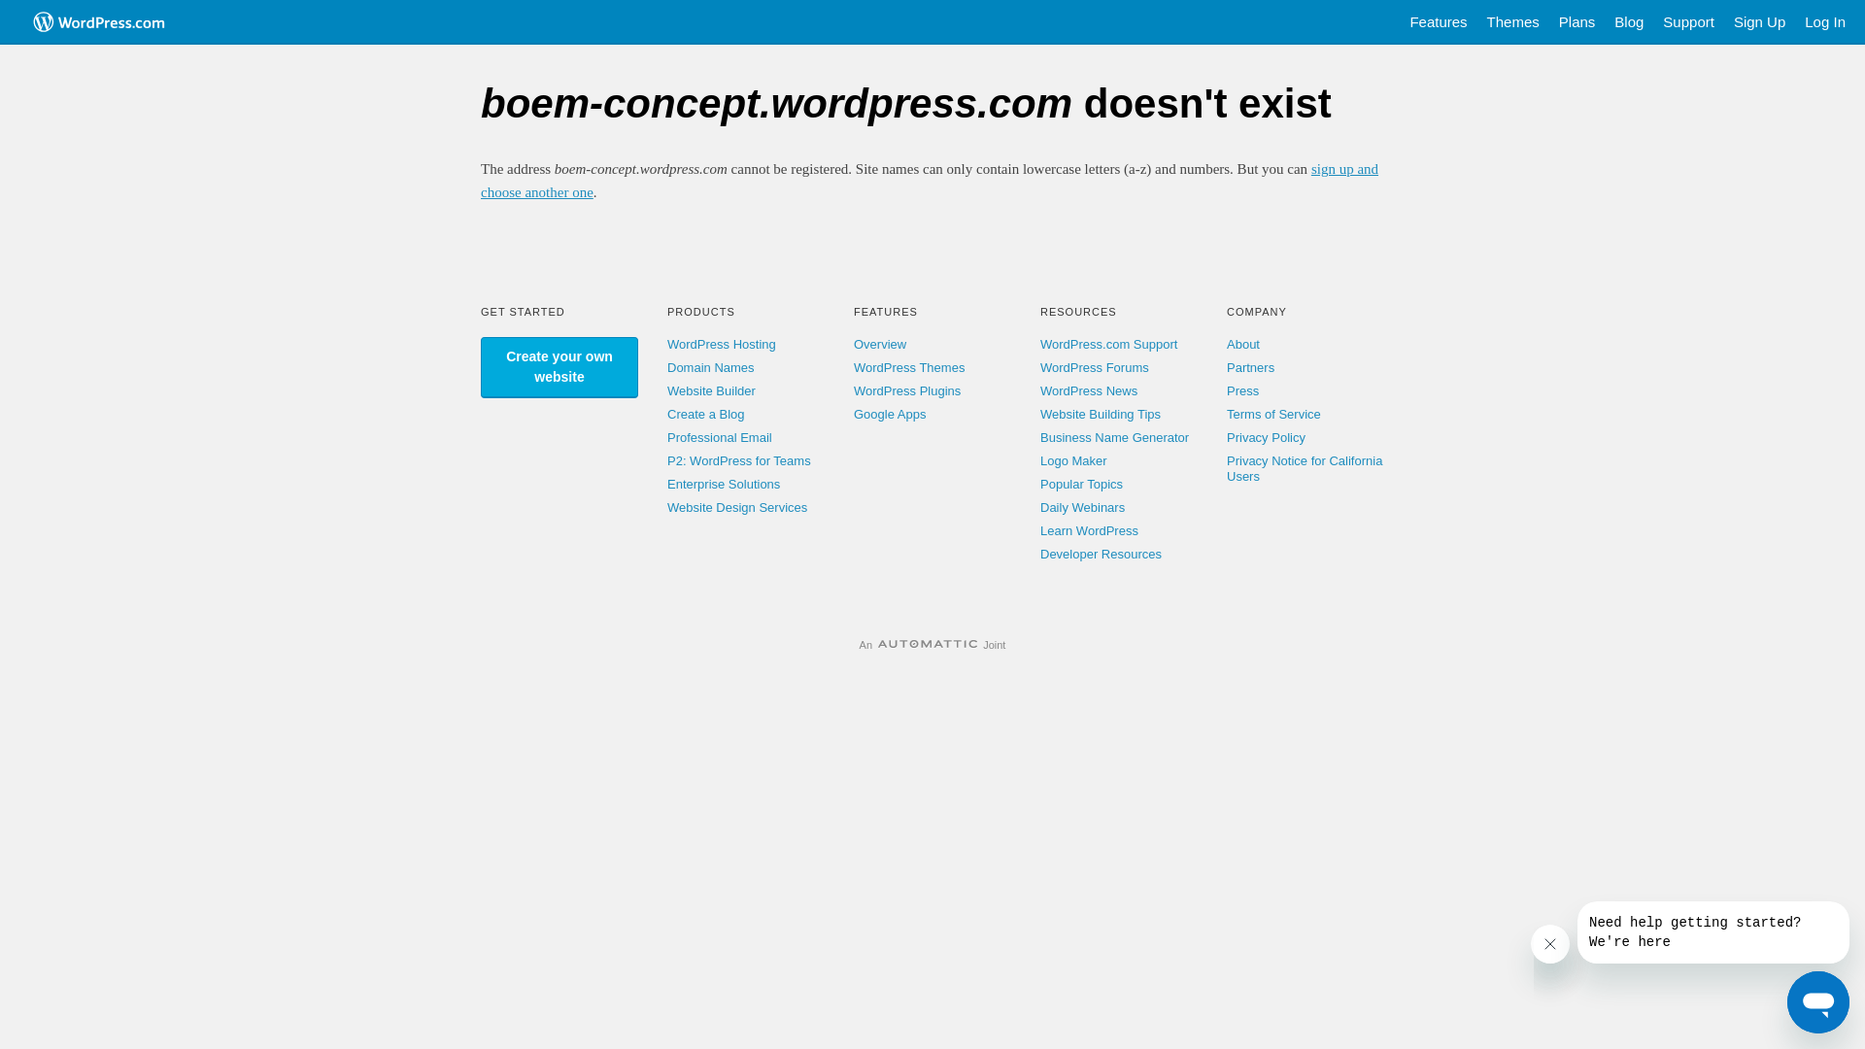  I want to click on 'Plans', so click(1577, 22).